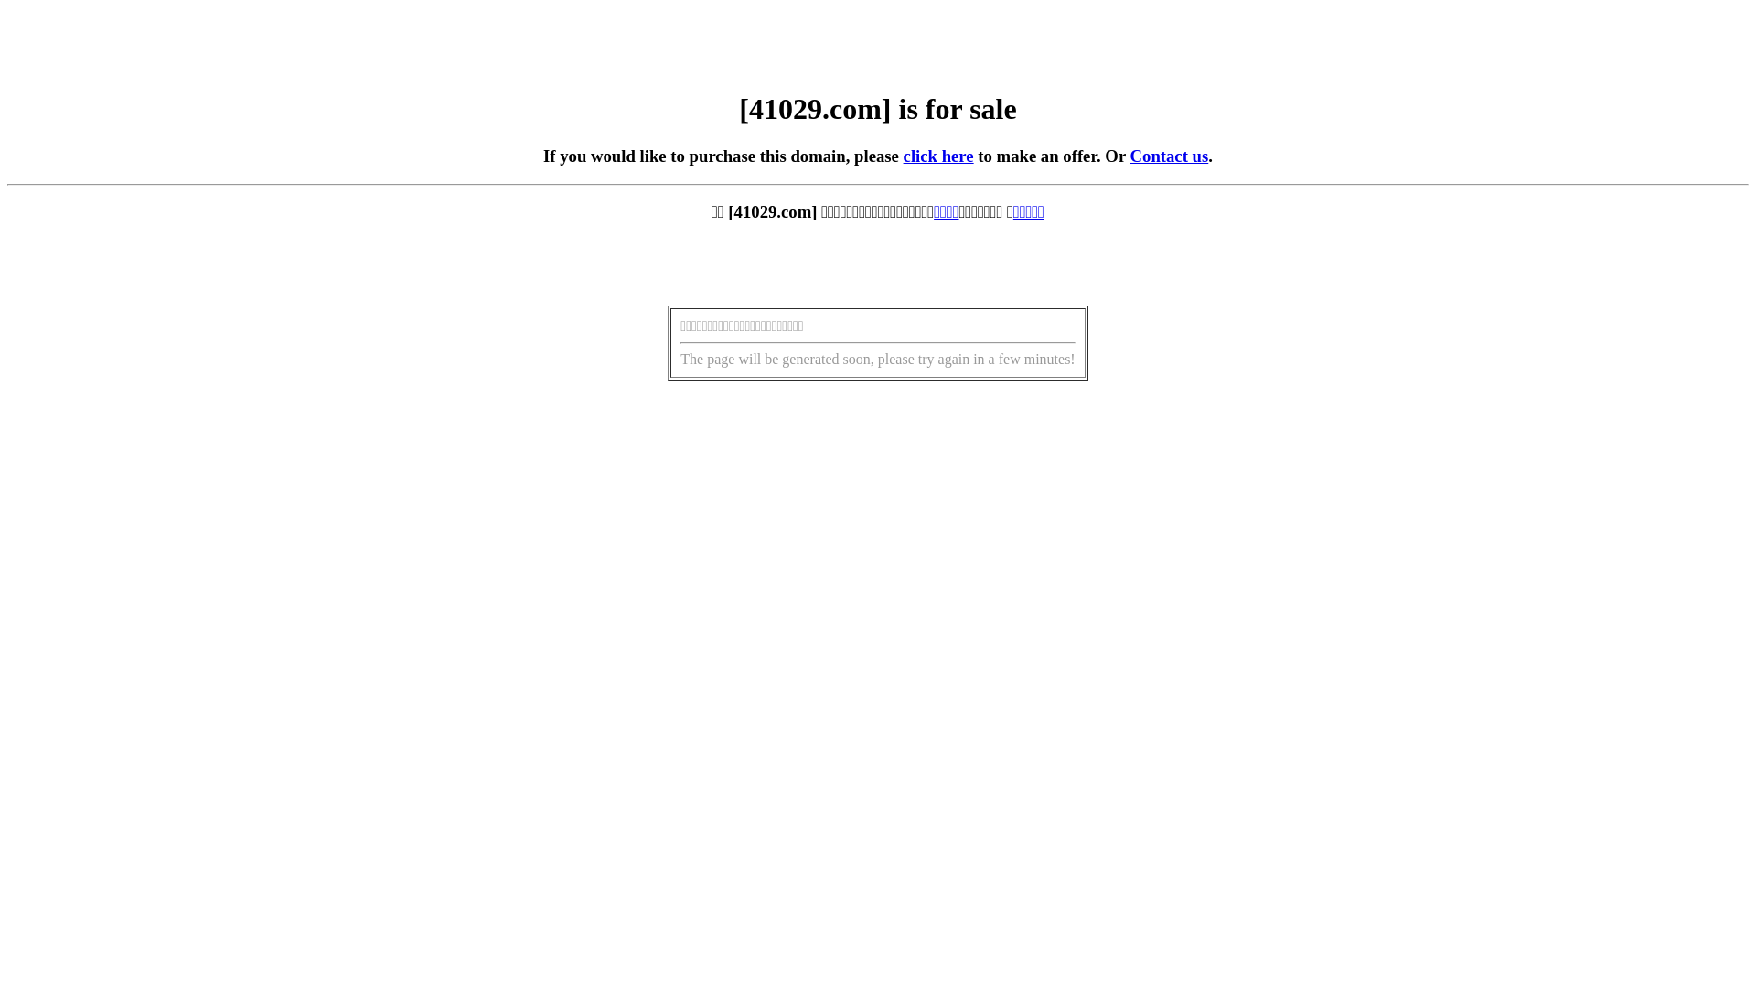 Image resolution: width=1756 pixels, height=988 pixels. I want to click on 'click here', so click(938, 155).